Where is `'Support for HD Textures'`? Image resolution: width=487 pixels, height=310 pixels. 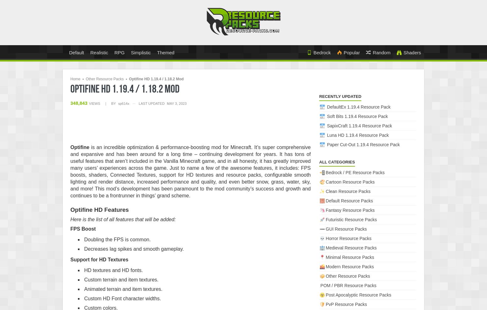
'Support for HD Textures' is located at coordinates (99, 259).